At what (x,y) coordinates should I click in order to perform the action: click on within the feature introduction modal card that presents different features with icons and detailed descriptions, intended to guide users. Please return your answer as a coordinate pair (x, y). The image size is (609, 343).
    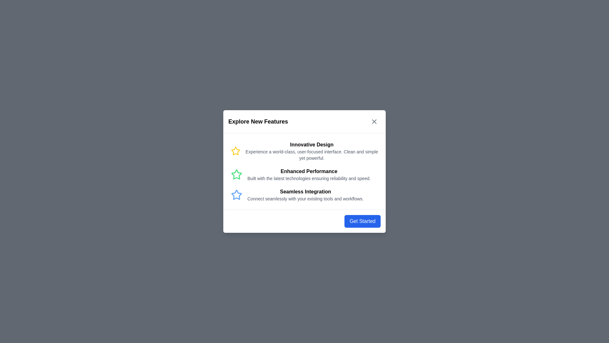
    Looking at the image, I should click on (304, 171).